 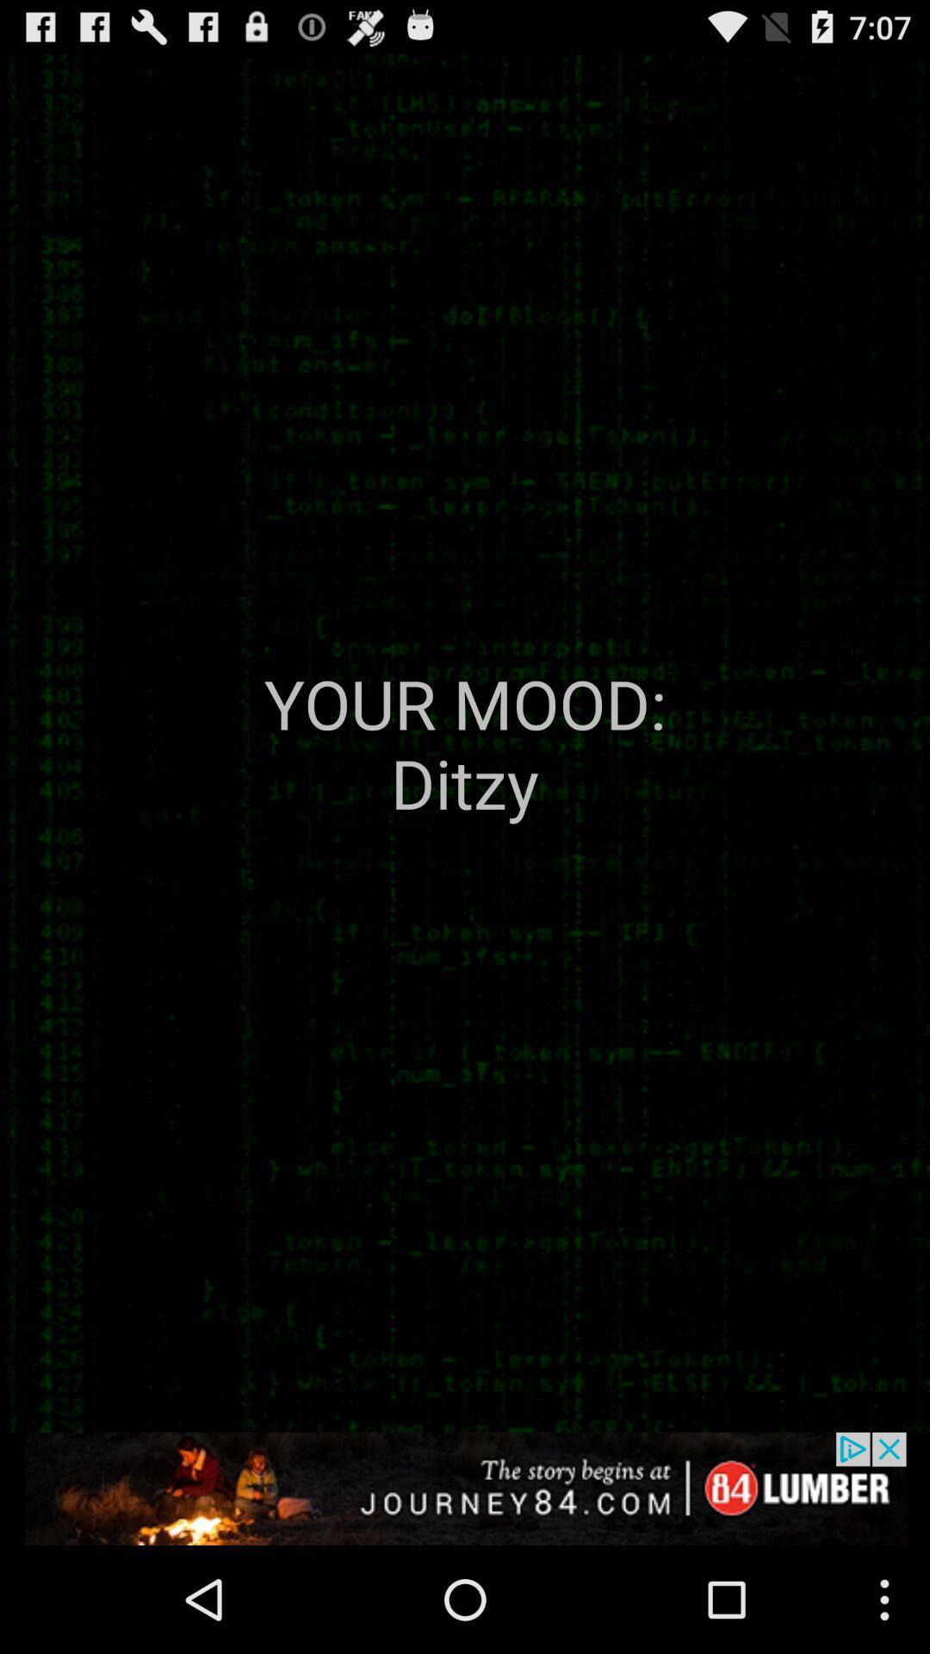 What do you see at coordinates (465, 1488) in the screenshot?
I see `advertisement` at bounding box center [465, 1488].